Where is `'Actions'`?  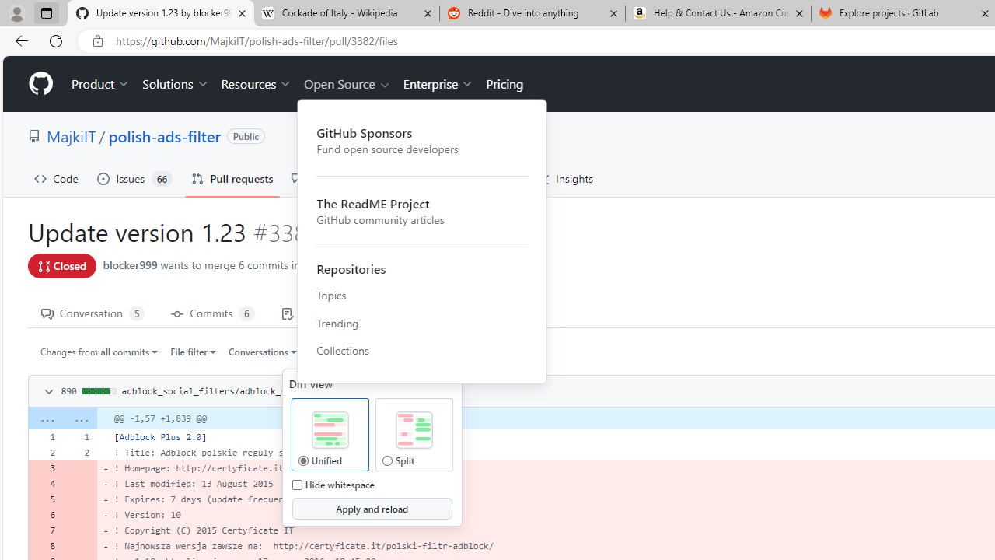
'Actions' is located at coordinates (413, 178).